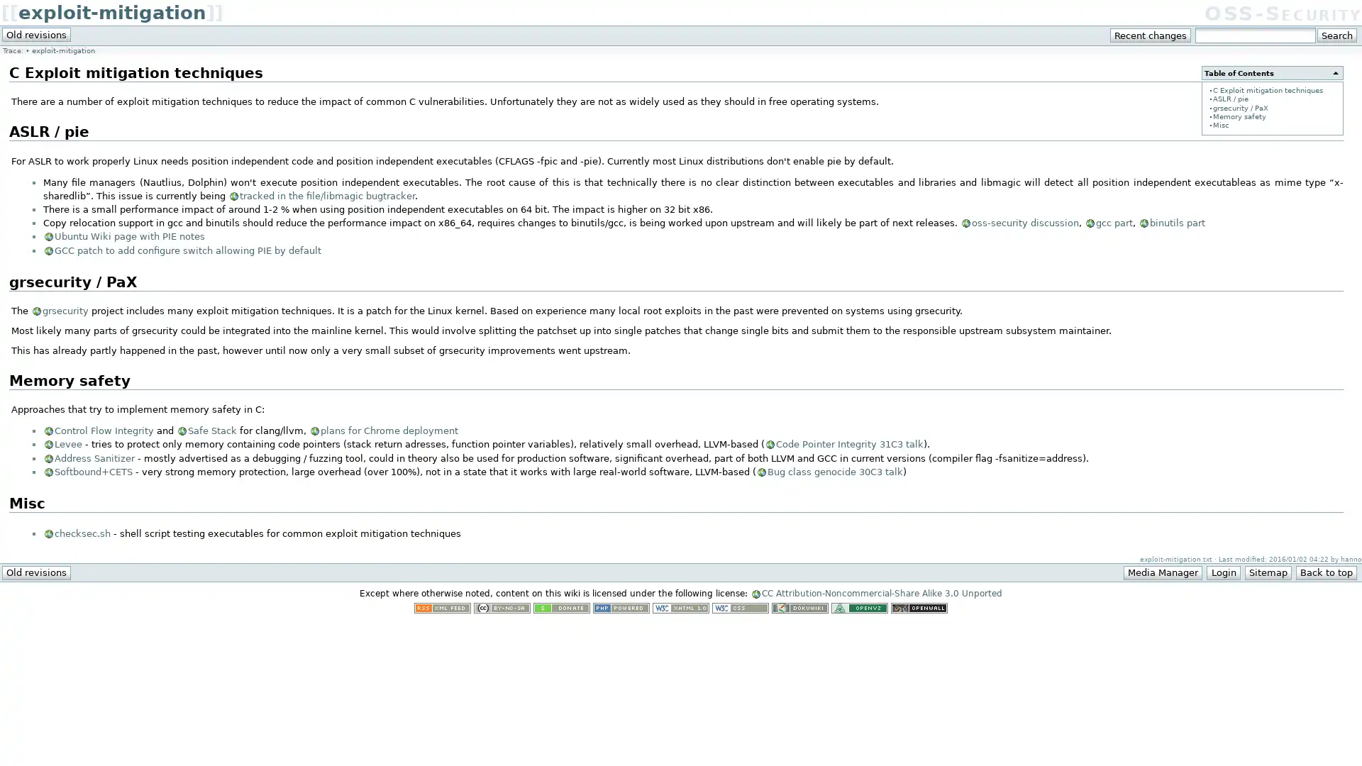 This screenshot has height=766, width=1362. I want to click on Media Manager, so click(1163, 571).